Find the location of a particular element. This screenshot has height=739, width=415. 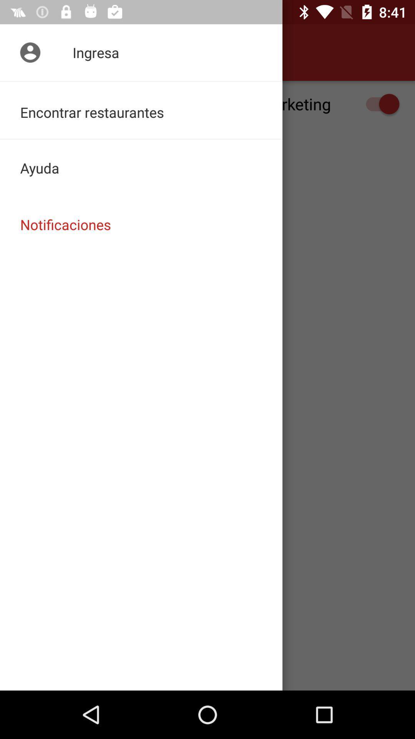

ingresa icon is located at coordinates (141, 52).